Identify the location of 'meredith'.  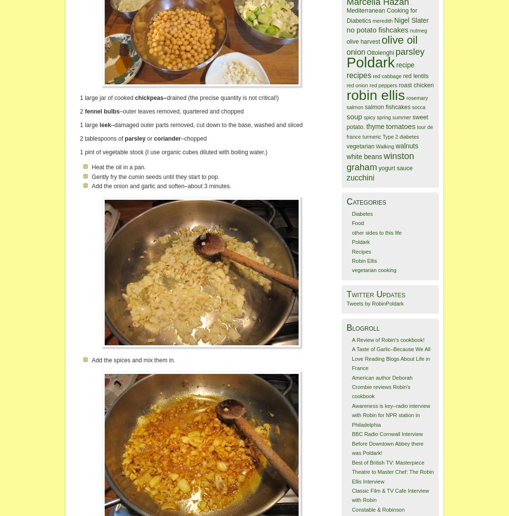
(372, 20).